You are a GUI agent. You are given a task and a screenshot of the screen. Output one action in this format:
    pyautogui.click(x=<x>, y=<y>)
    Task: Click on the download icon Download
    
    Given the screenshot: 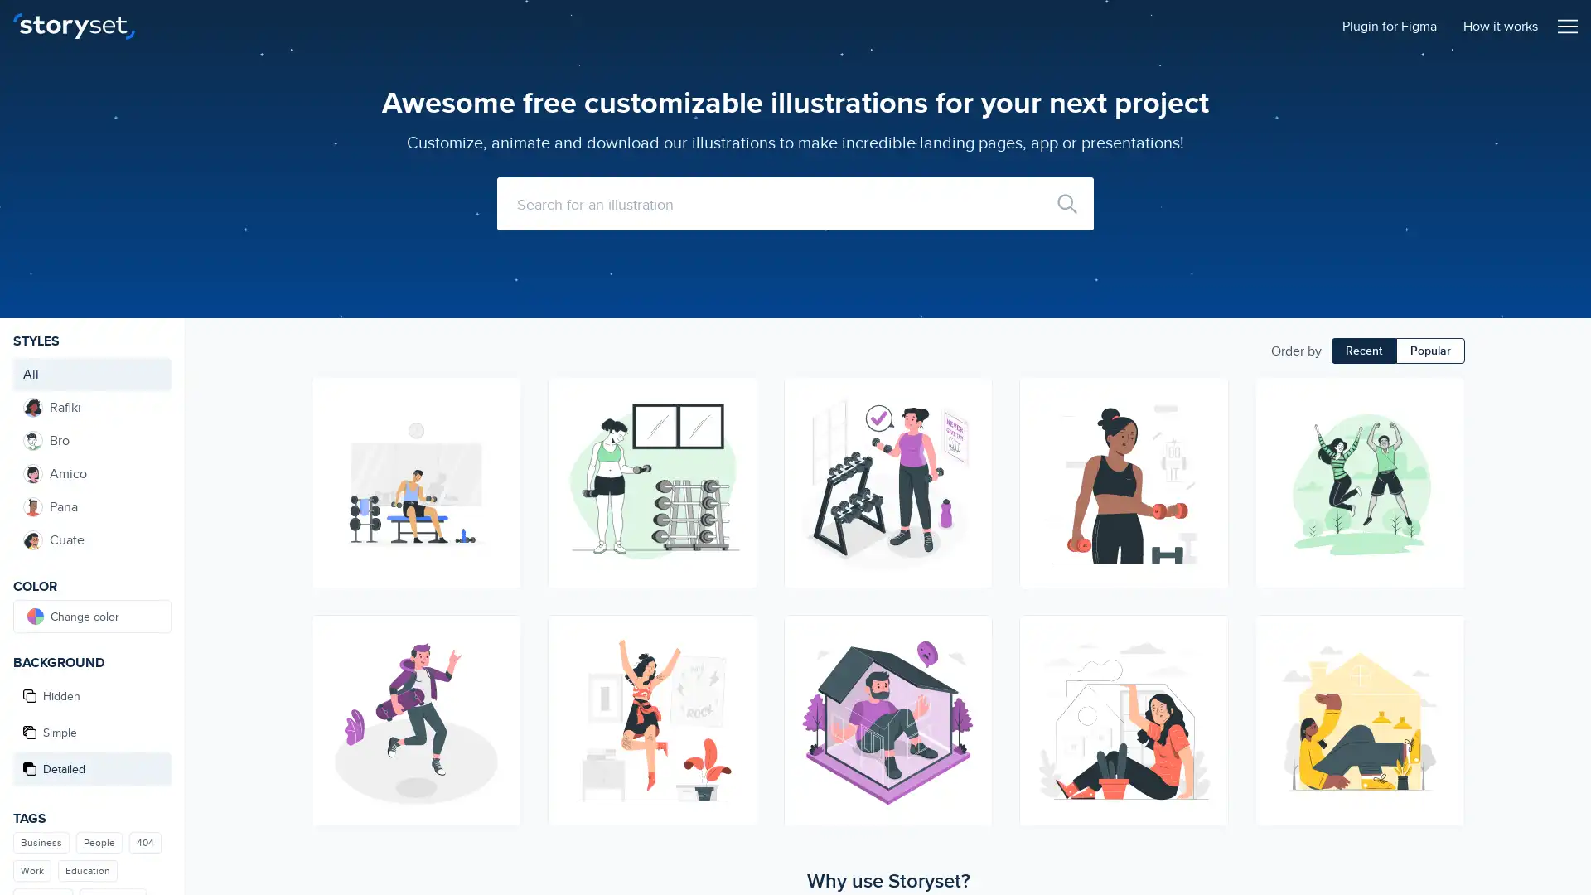 What is the action you would take?
    pyautogui.click(x=1208, y=664)
    